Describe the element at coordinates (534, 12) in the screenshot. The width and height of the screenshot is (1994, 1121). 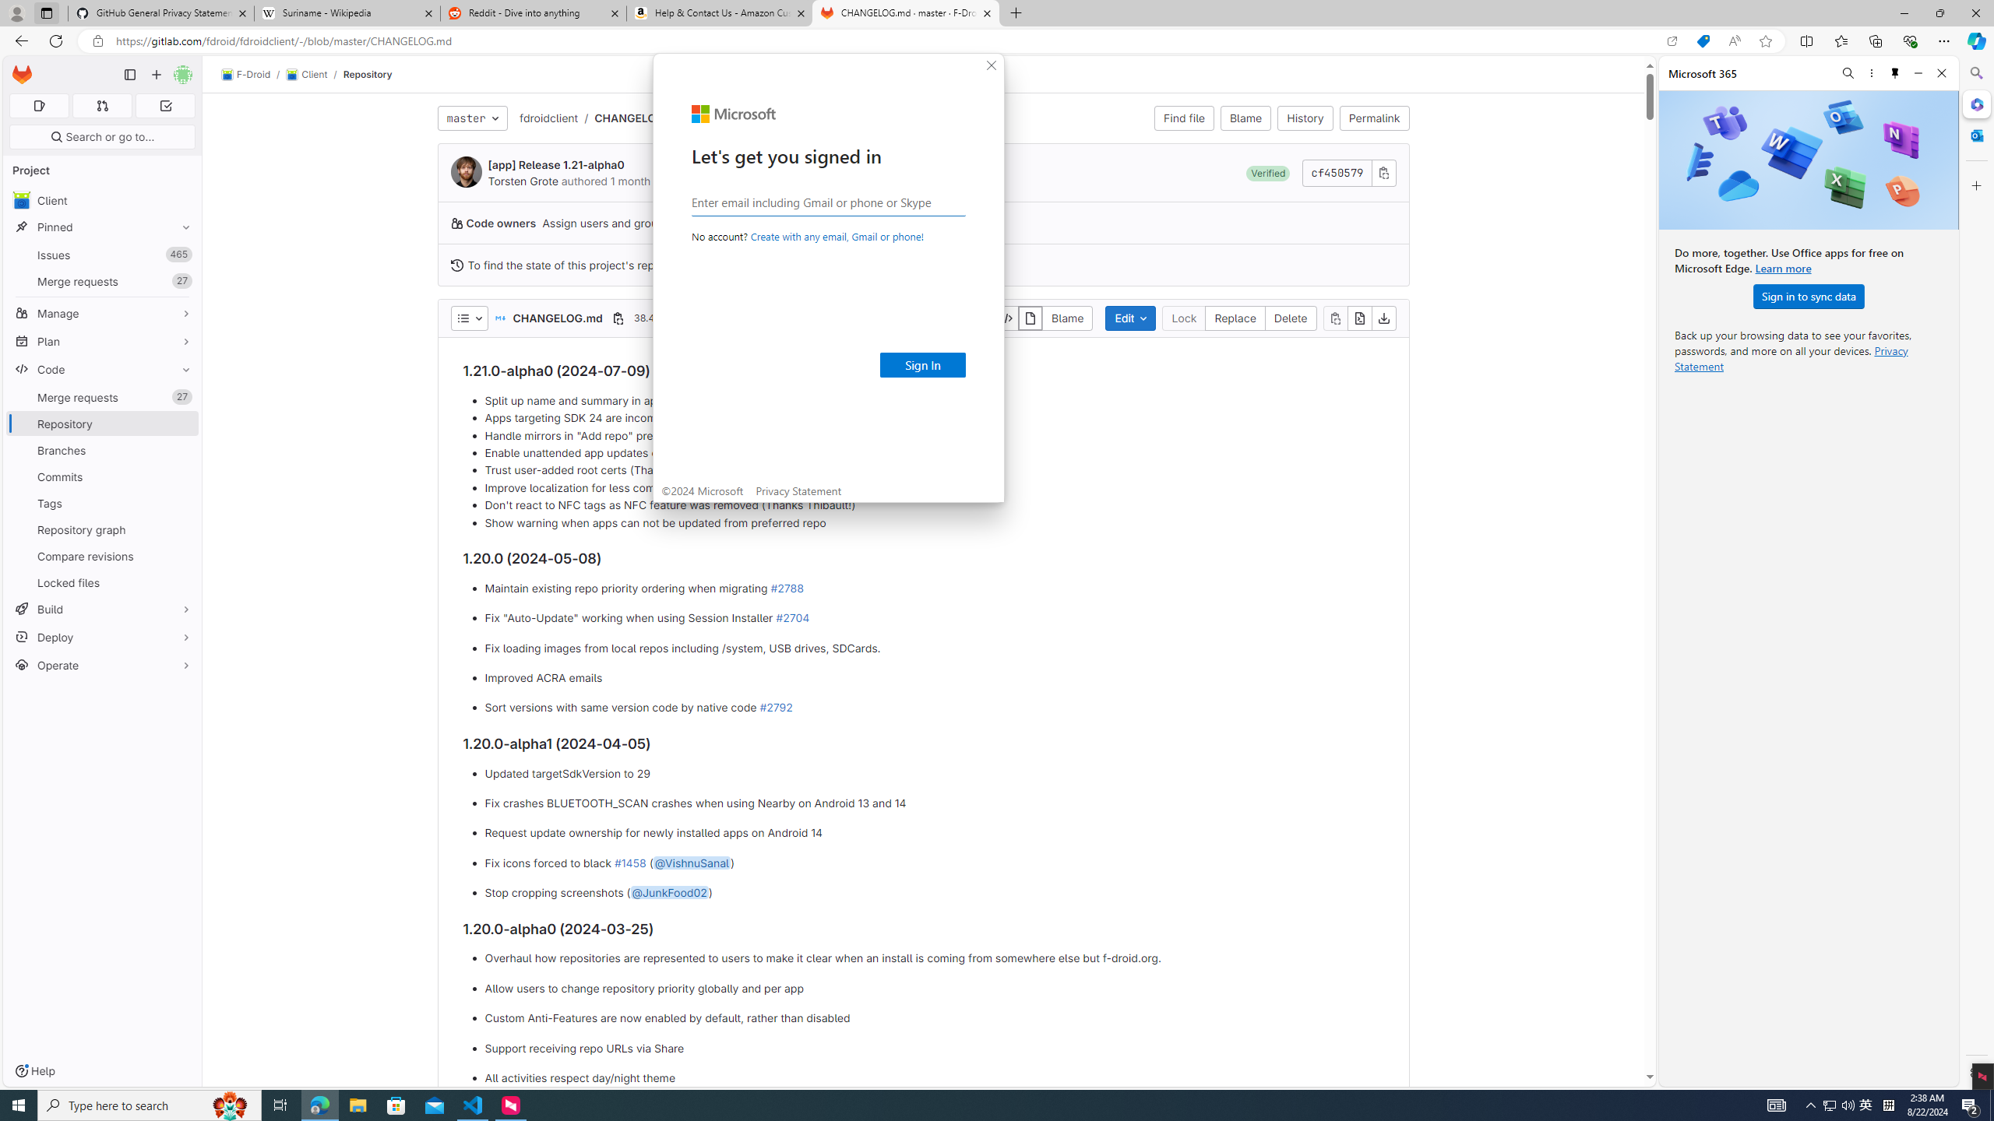
I see `'Reddit - Dive into anything'` at that location.